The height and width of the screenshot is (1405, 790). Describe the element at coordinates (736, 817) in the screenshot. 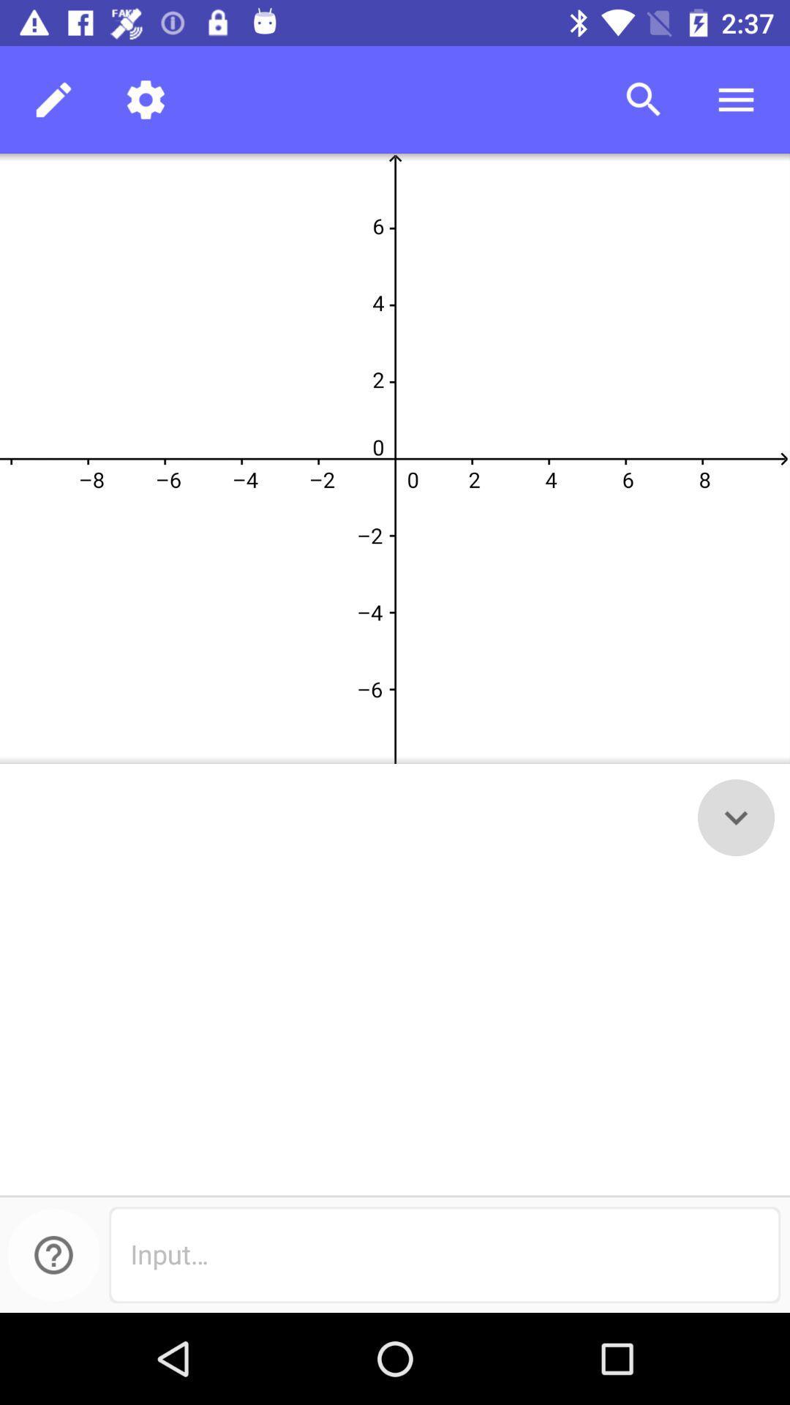

I see `the expand_more icon` at that location.